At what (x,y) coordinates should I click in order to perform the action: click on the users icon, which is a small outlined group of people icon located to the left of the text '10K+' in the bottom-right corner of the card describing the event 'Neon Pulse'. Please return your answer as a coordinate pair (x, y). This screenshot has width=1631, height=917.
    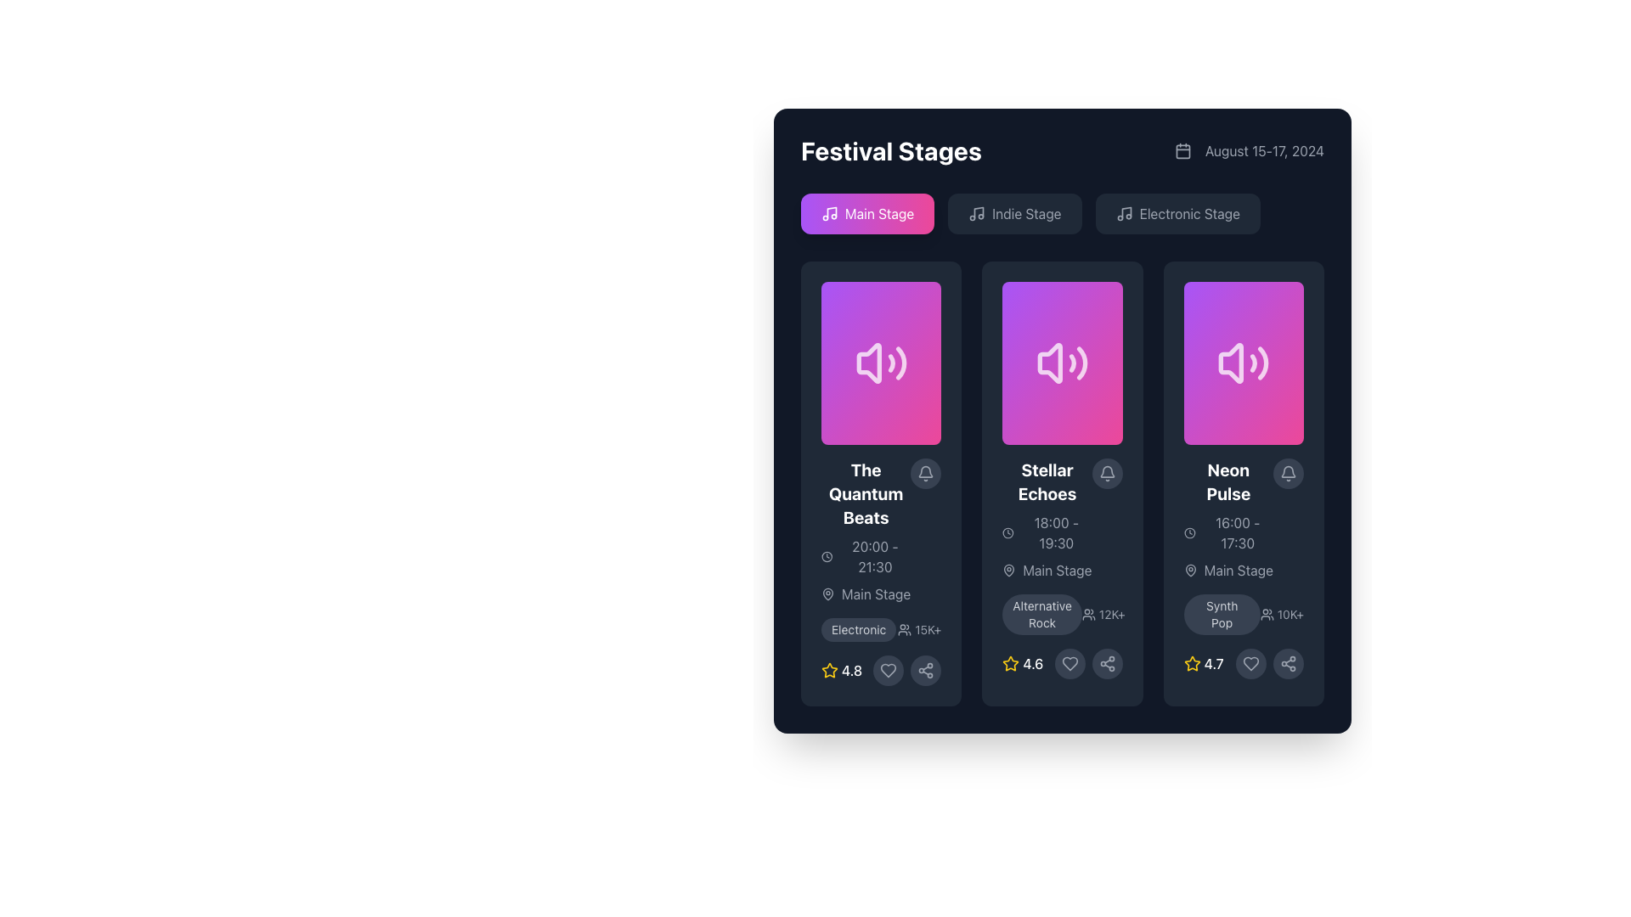
    Looking at the image, I should click on (1267, 615).